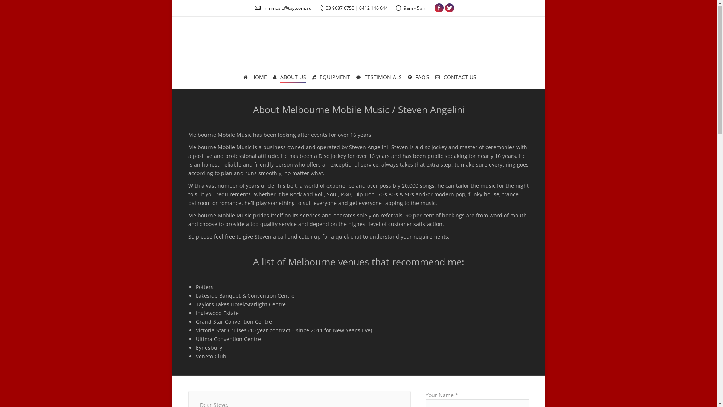 The image size is (723, 407). I want to click on 'Facebook', so click(434, 8).